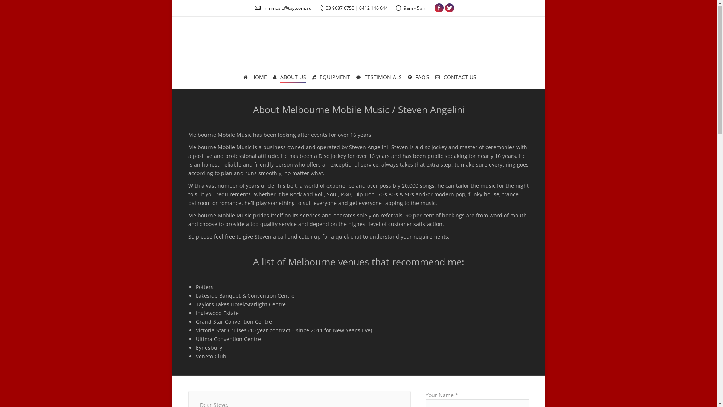 The image size is (723, 407). I want to click on 'Facebook', so click(434, 8).